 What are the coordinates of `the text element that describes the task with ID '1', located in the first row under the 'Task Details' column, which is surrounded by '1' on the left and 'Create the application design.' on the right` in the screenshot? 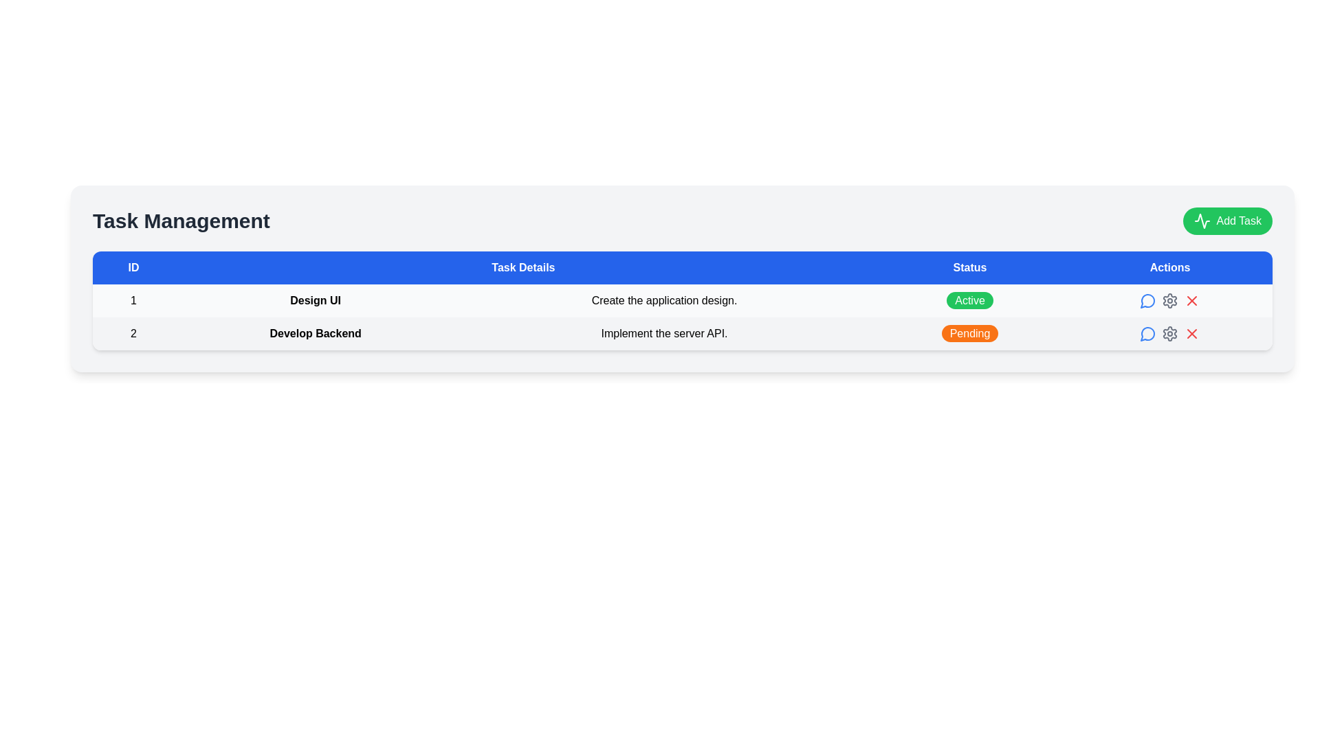 It's located at (315, 300).